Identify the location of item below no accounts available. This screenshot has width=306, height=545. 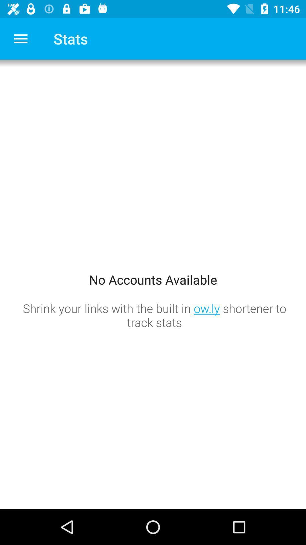
(154, 315).